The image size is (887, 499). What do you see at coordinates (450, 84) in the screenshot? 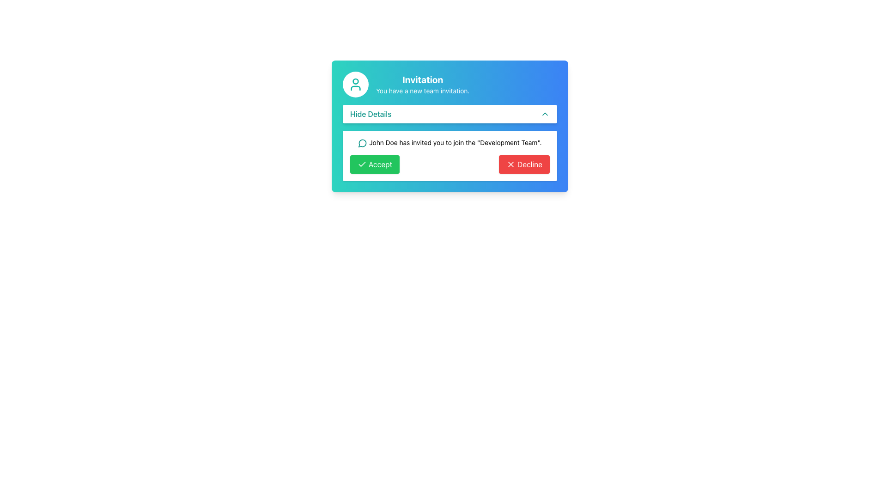
I see `the Notification header section, which displays team invitation notifications and is located at the top of the blue gradient panel, right of the circular icon and above the 'Hide Details' button` at bounding box center [450, 84].